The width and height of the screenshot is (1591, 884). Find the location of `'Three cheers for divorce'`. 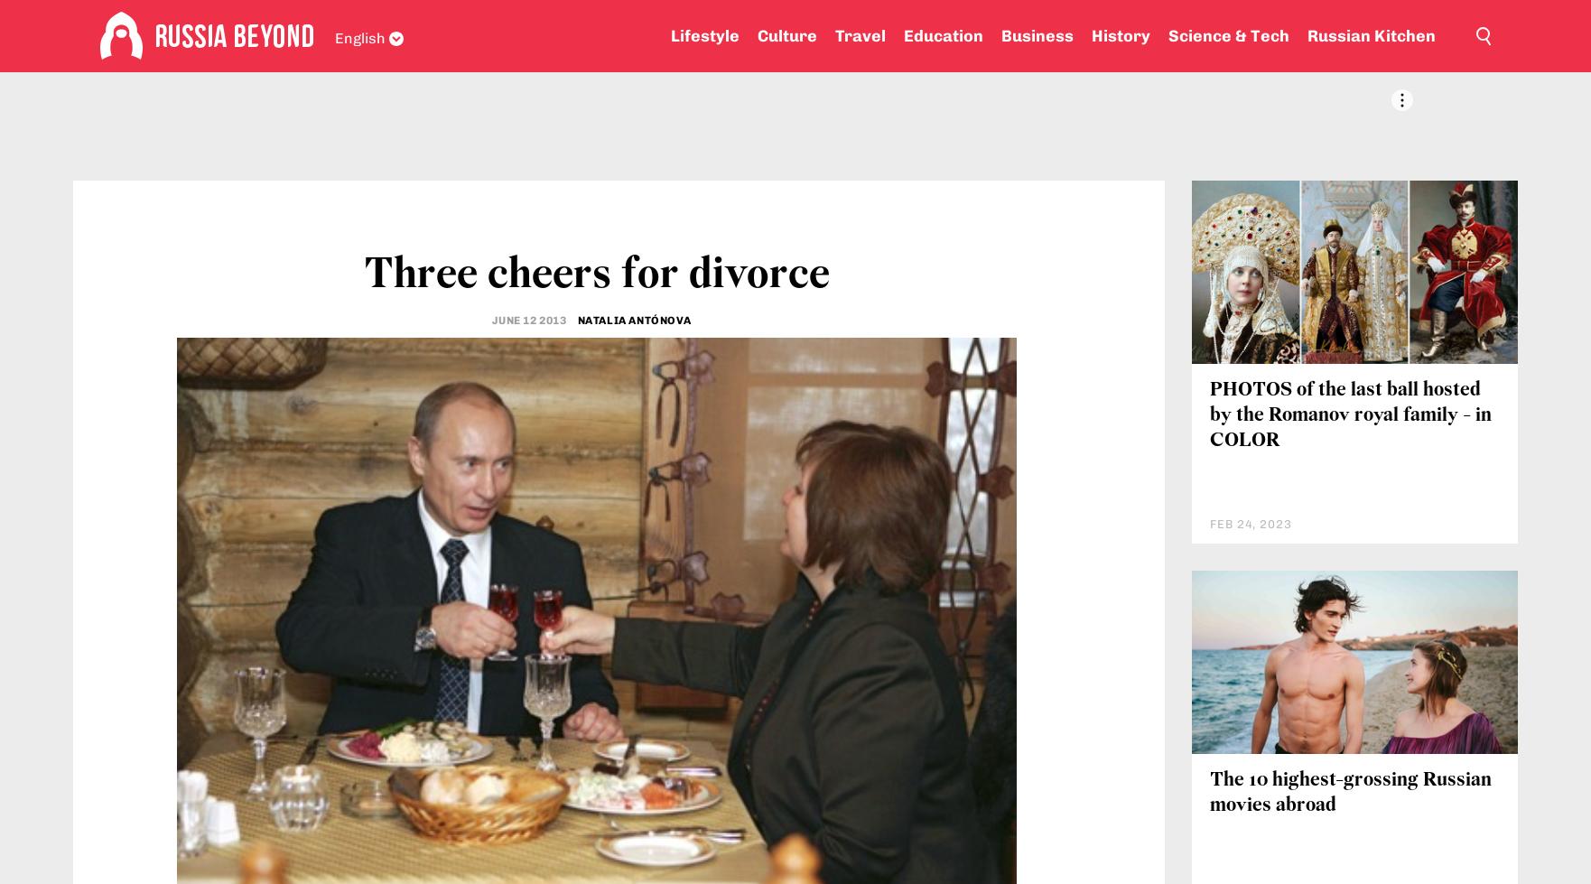

'Three cheers for divorce' is located at coordinates (363, 275).